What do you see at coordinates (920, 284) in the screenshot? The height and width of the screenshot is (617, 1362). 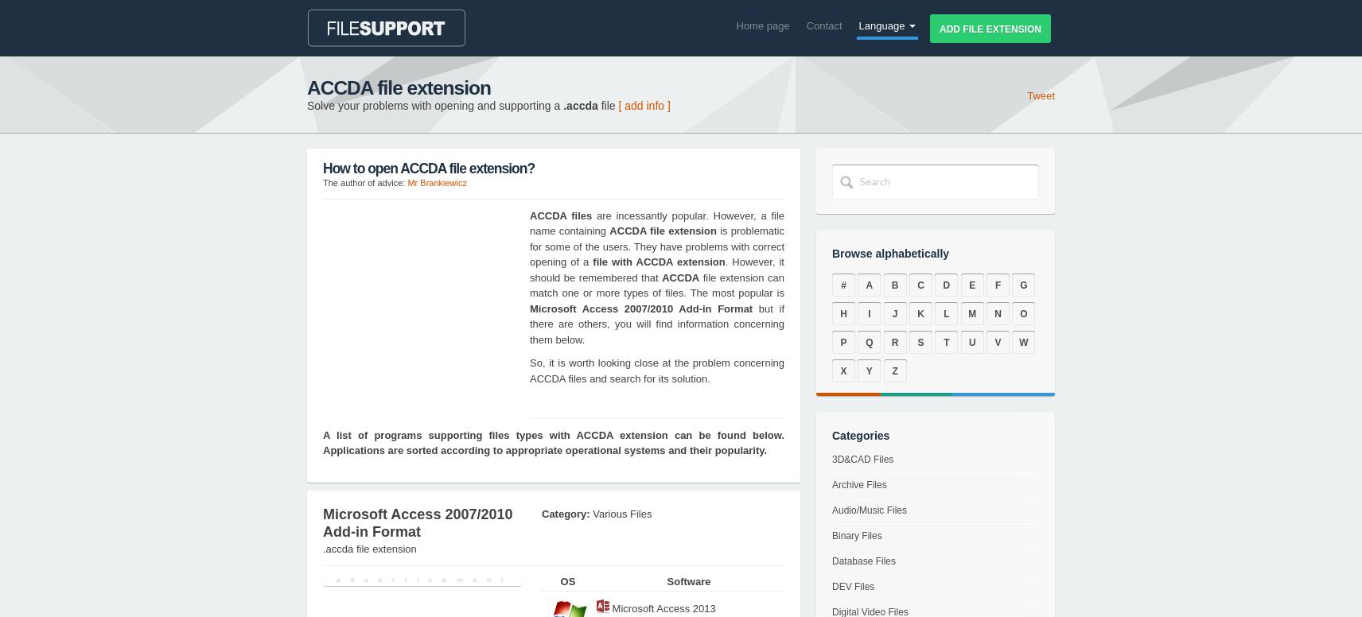 I see `'C'` at bounding box center [920, 284].